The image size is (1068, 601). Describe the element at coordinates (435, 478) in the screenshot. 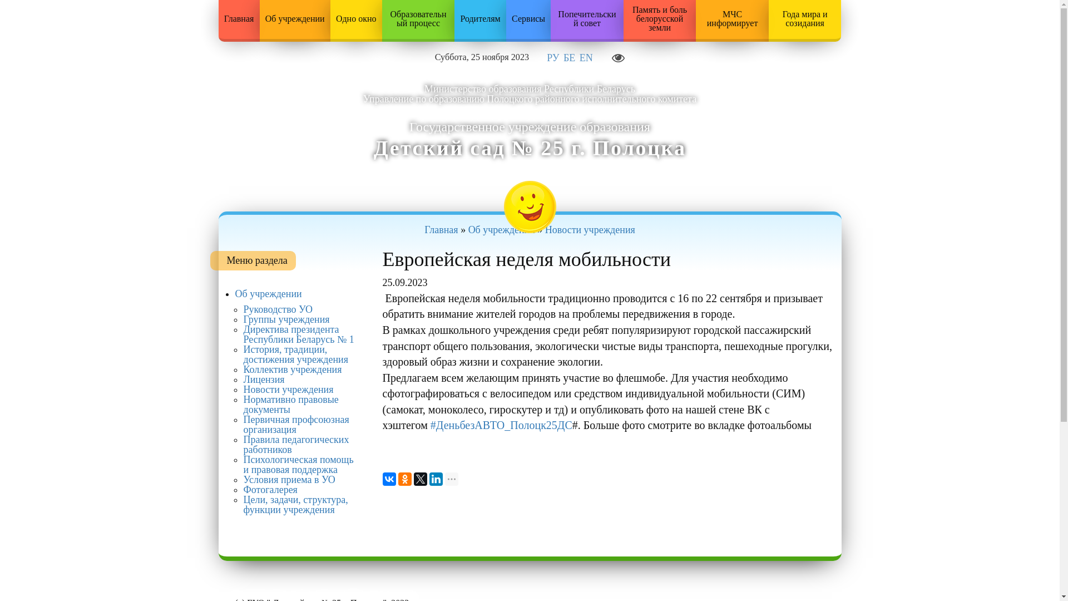

I see `'LinkedIn'` at that location.